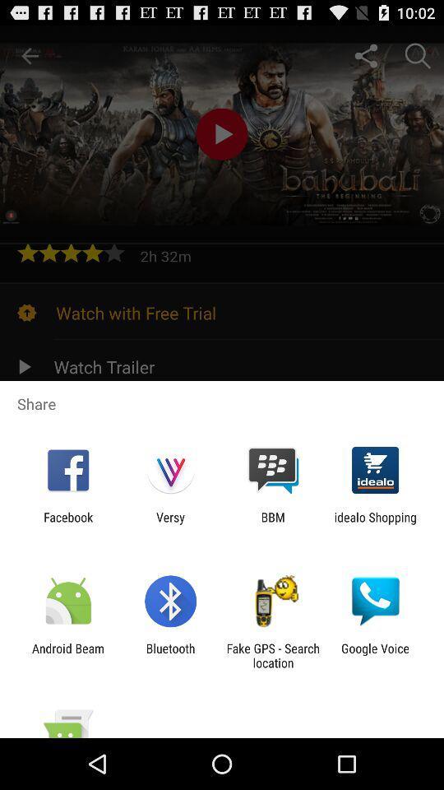 This screenshot has height=790, width=444. What do you see at coordinates (67, 655) in the screenshot?
I see `android beam` at bounding box center [67, 655].